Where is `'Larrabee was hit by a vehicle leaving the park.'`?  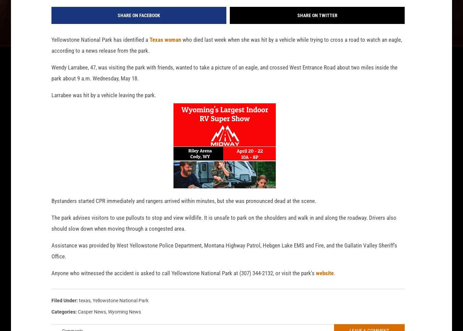
'Larrabee was hit by a vehicle leaving the park.' is located at coordinates (103, 106).